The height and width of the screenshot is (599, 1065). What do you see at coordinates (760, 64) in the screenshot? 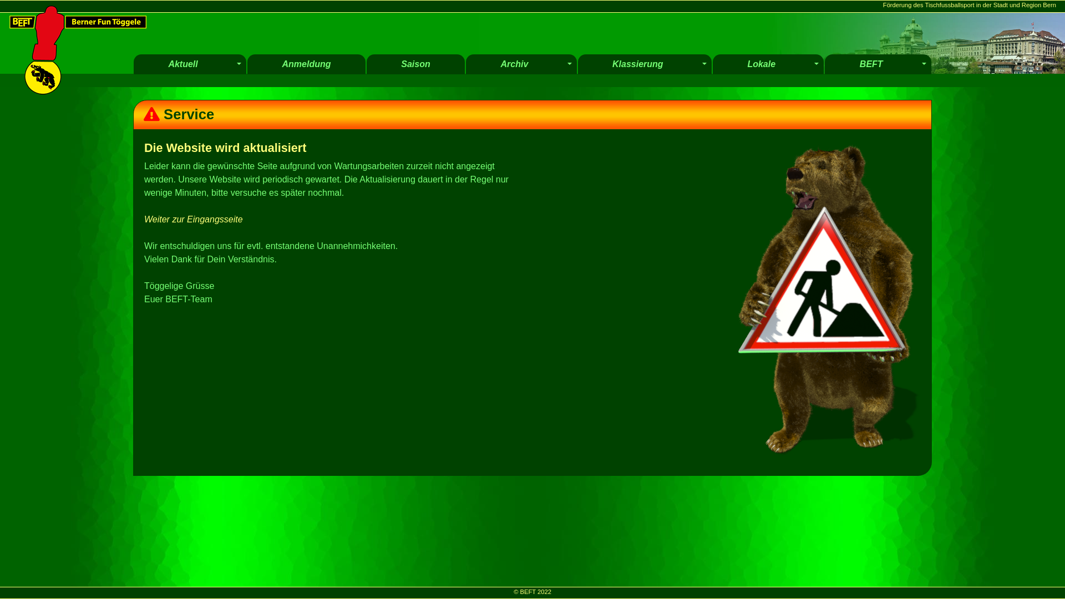
I see `'Lokale'` at bounding box center [760, 64].